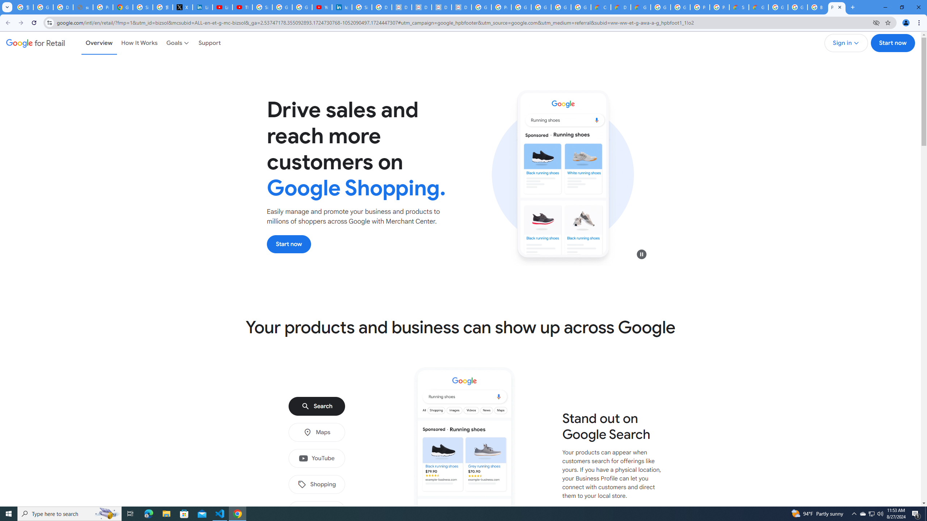 The width and height of the screenshot is (927, 521). Describe the element at coordinates (289, 244) in the screenshot. I see `'Start now'` at that location.